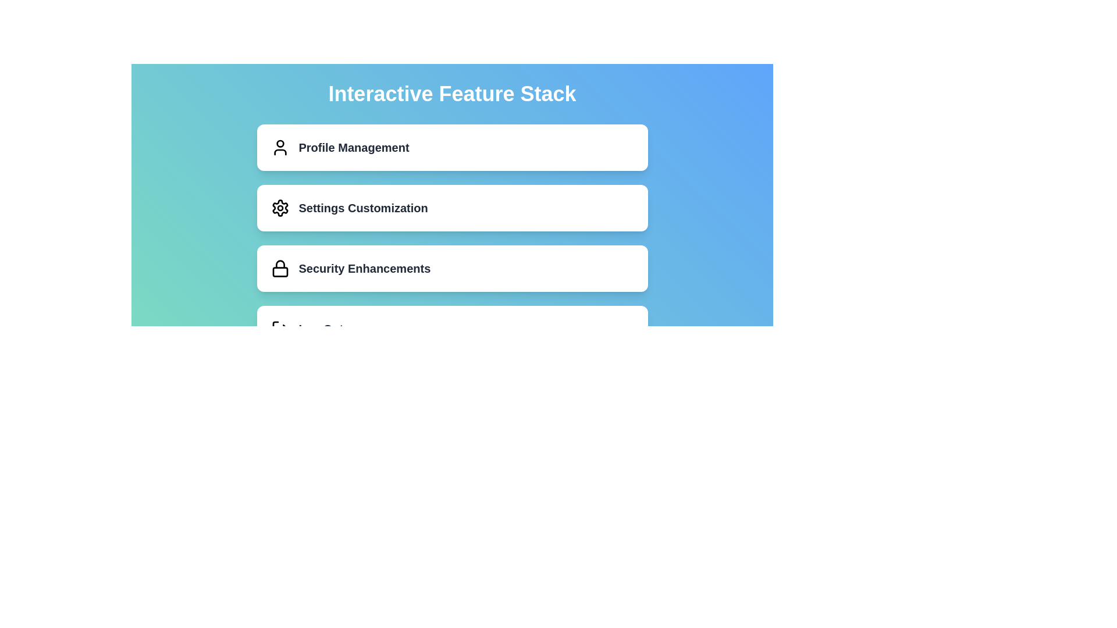 Image resolution: width=1117 pixels, height=628 pixels. What do you see at coordinates (280, 269) in the screenshot?
I see `the security icon located at the top left part of the 'Security Enhancements' feature card` at bounding box center [280, 269].